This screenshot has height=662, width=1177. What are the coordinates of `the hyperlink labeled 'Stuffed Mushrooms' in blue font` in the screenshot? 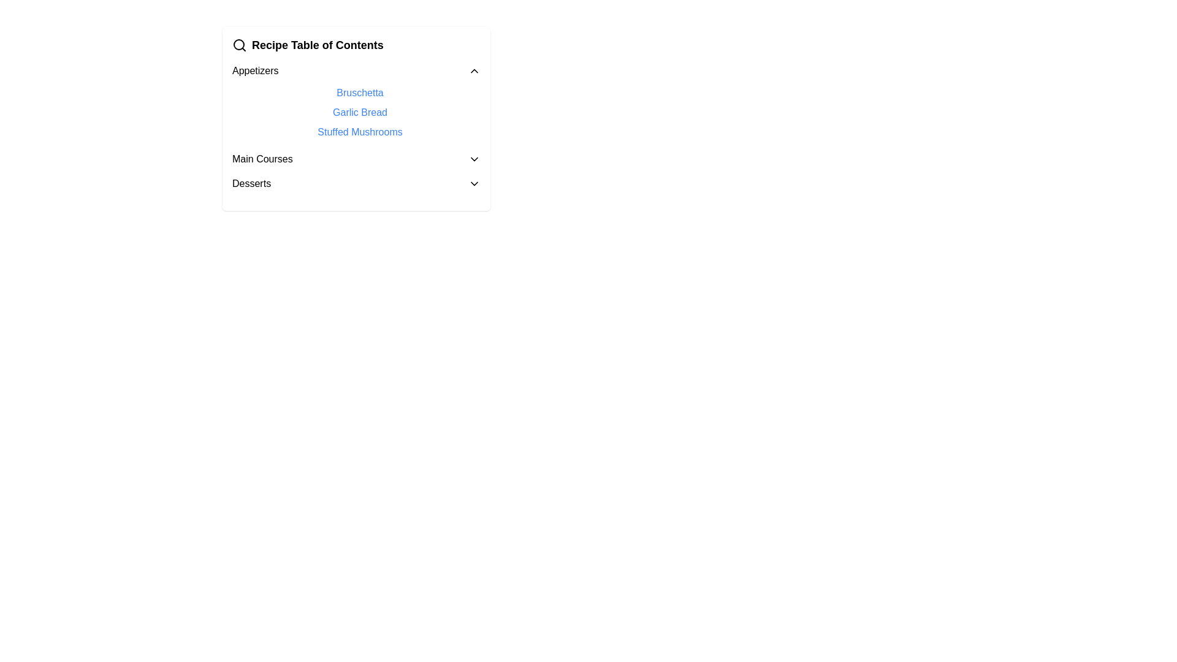 It's located at (360, 132).